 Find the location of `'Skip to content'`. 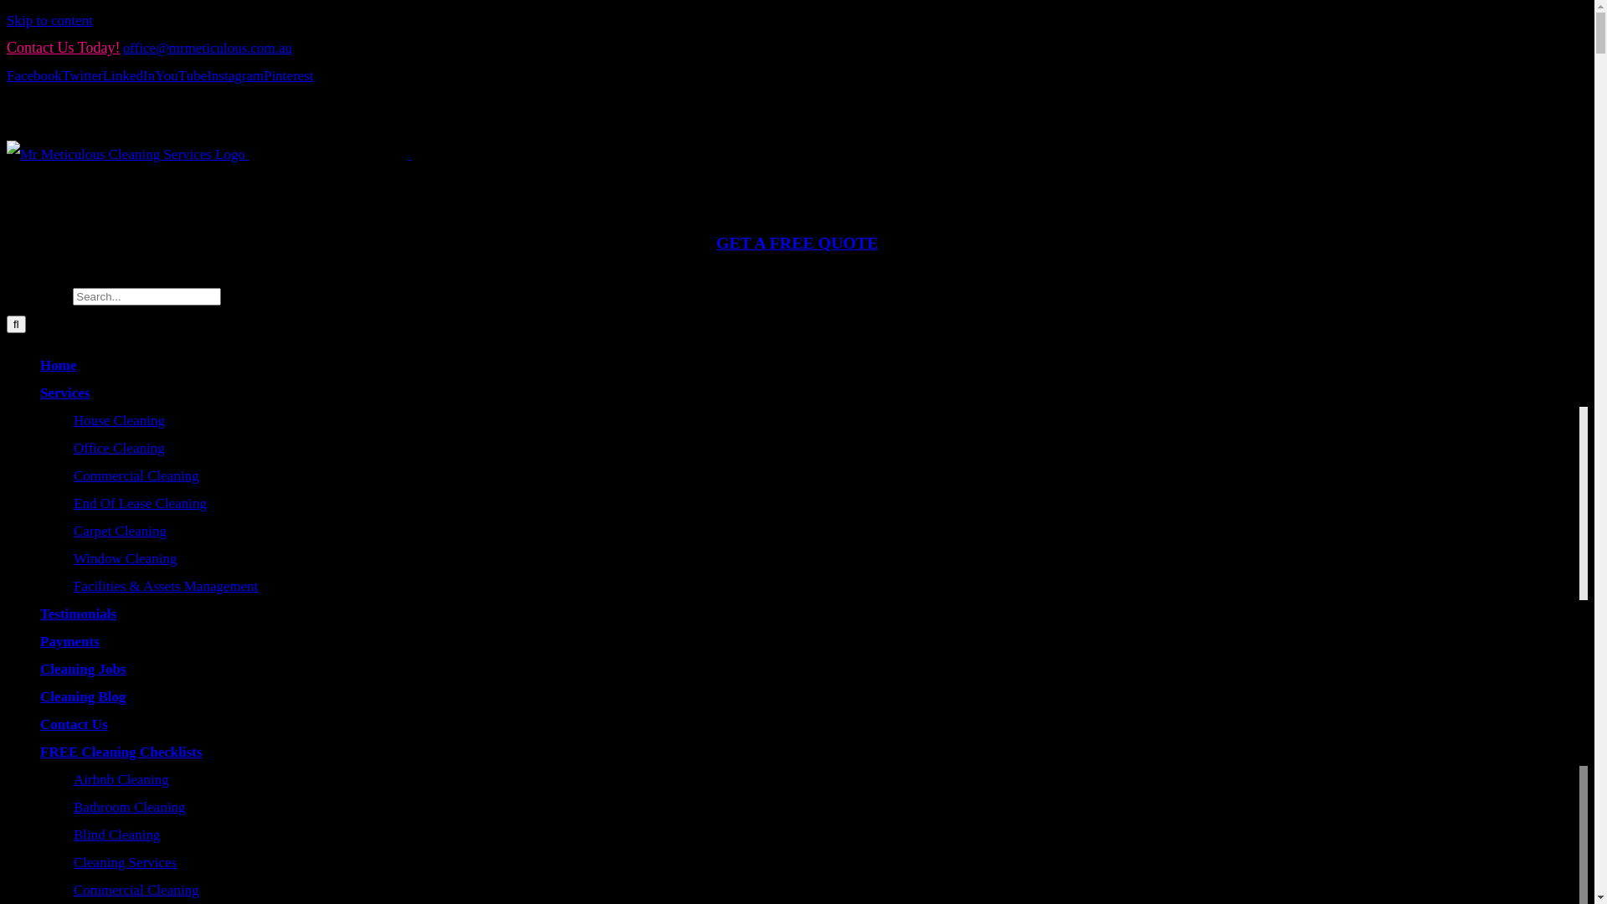

'Skip to content' is located at coordinates (7, 20).